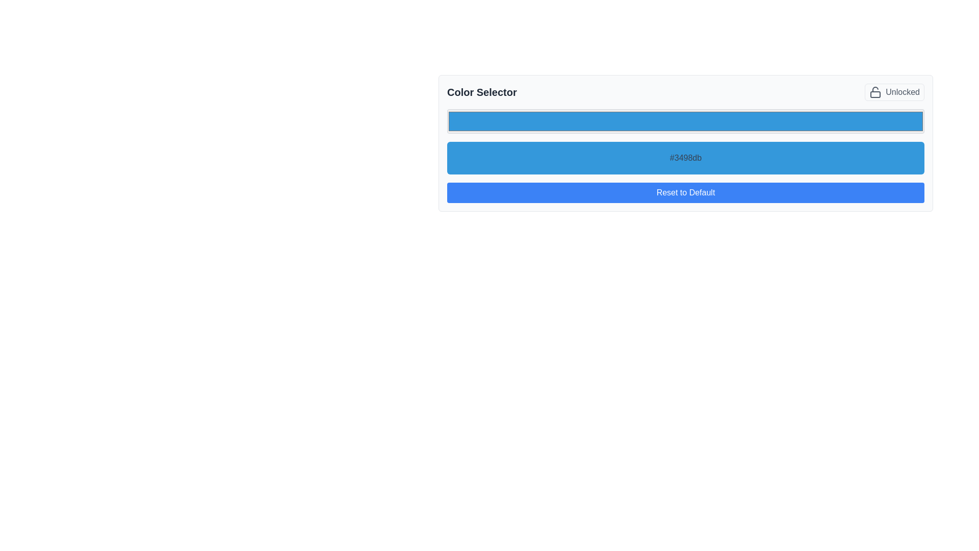 This screenshot has height=551, width=979. I want to click on the Color Picker Input, which is a rectangular interface with a blue fill (#3498db) located below the 'Color Selector' title, so click(685, 121).